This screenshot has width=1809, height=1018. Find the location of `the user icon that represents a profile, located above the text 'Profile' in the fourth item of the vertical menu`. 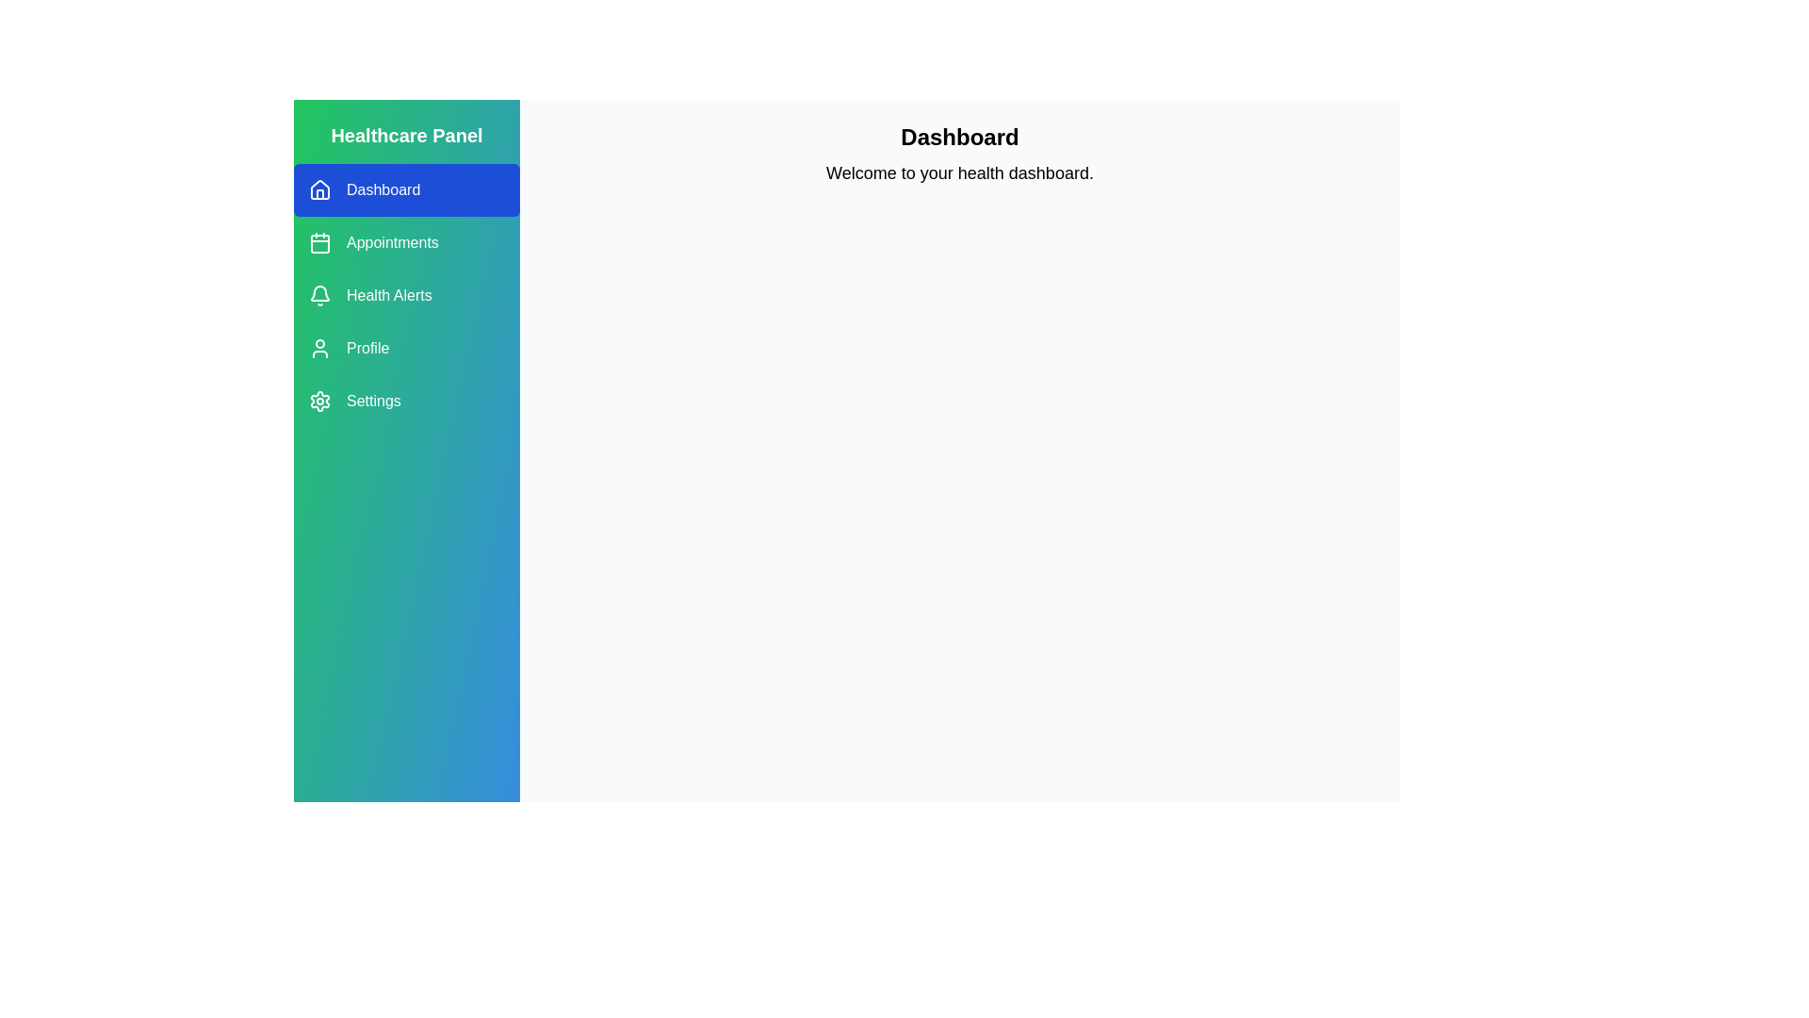

the user icon that represents a profile, located above the text 'Profile' in the fourth item of the vertical menu is located at coordinates (320, 349).